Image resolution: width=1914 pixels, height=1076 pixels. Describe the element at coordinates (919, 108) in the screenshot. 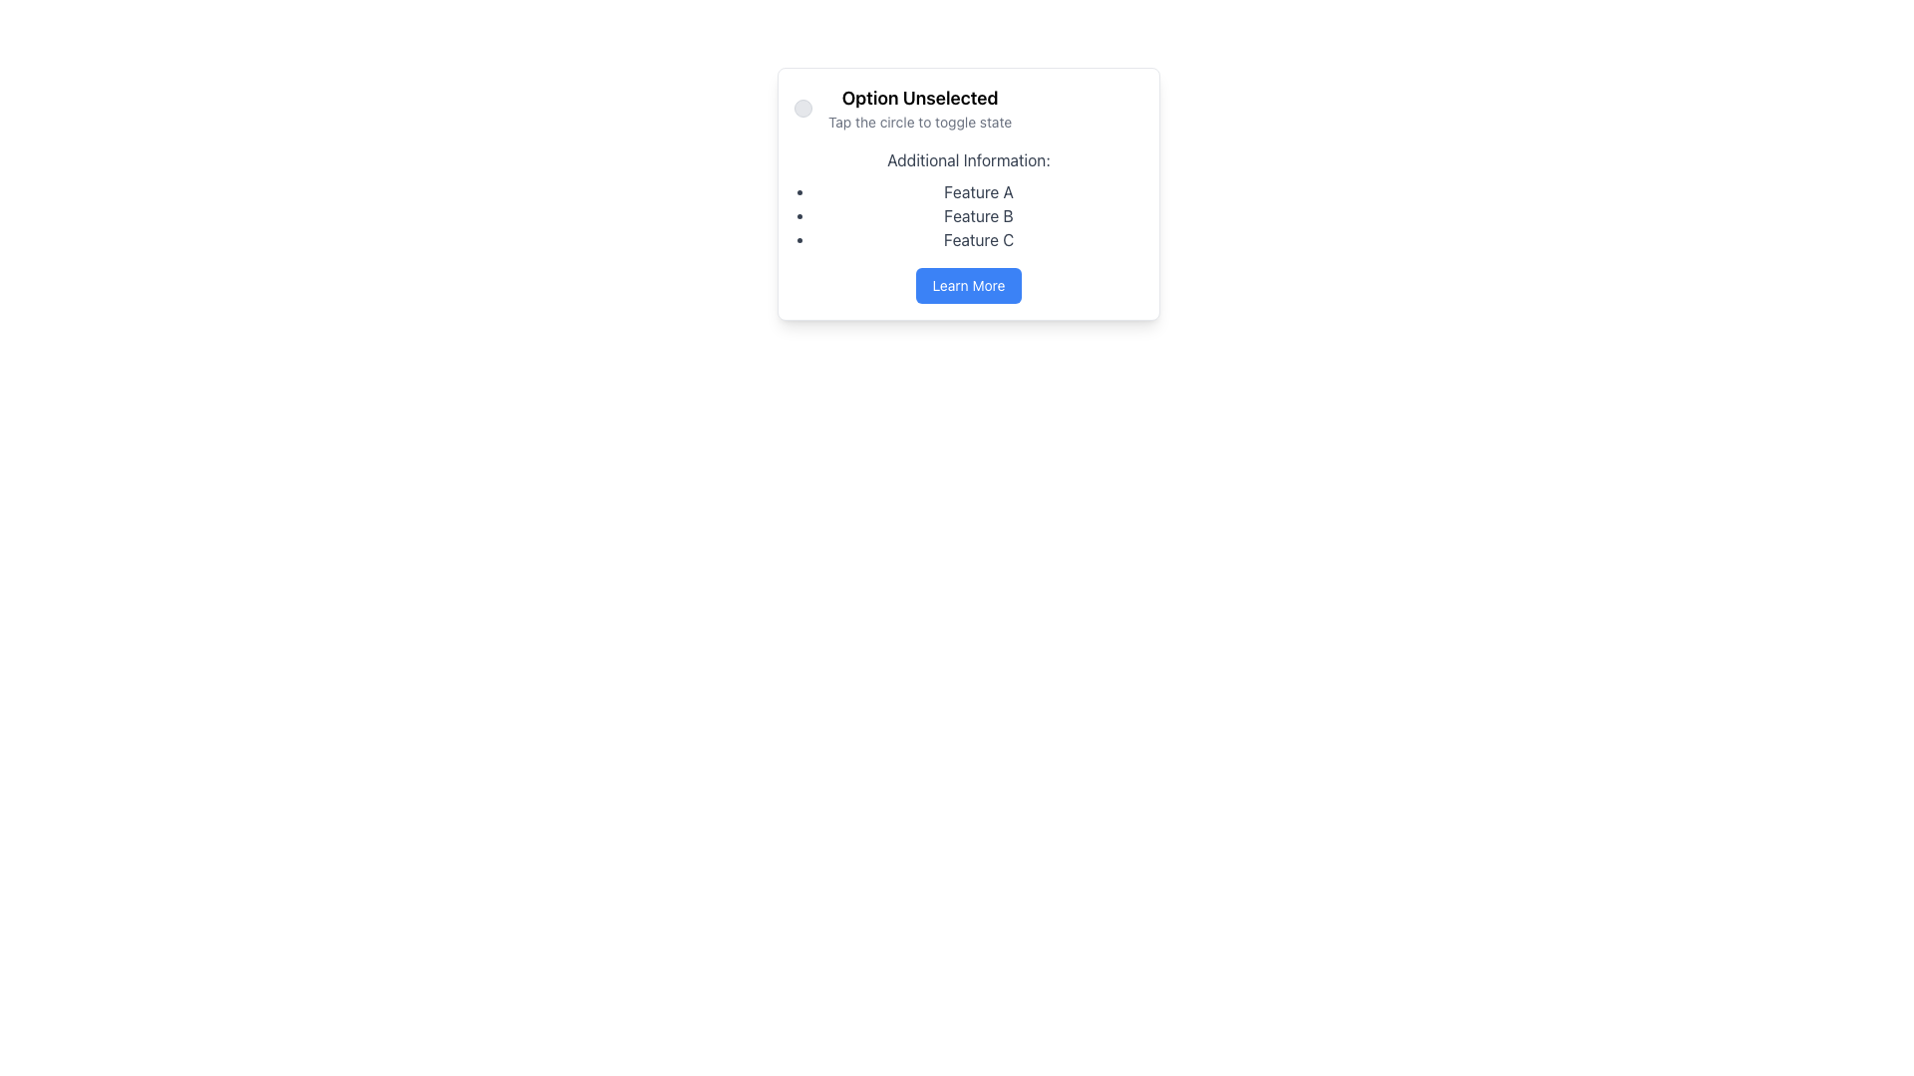

I see `the informative text display that indicates the current state as 'Option Unselected' and provides instructions for interaction, located in the upper half of the card interface, adjacent to the interactive toggle circle` at that location.